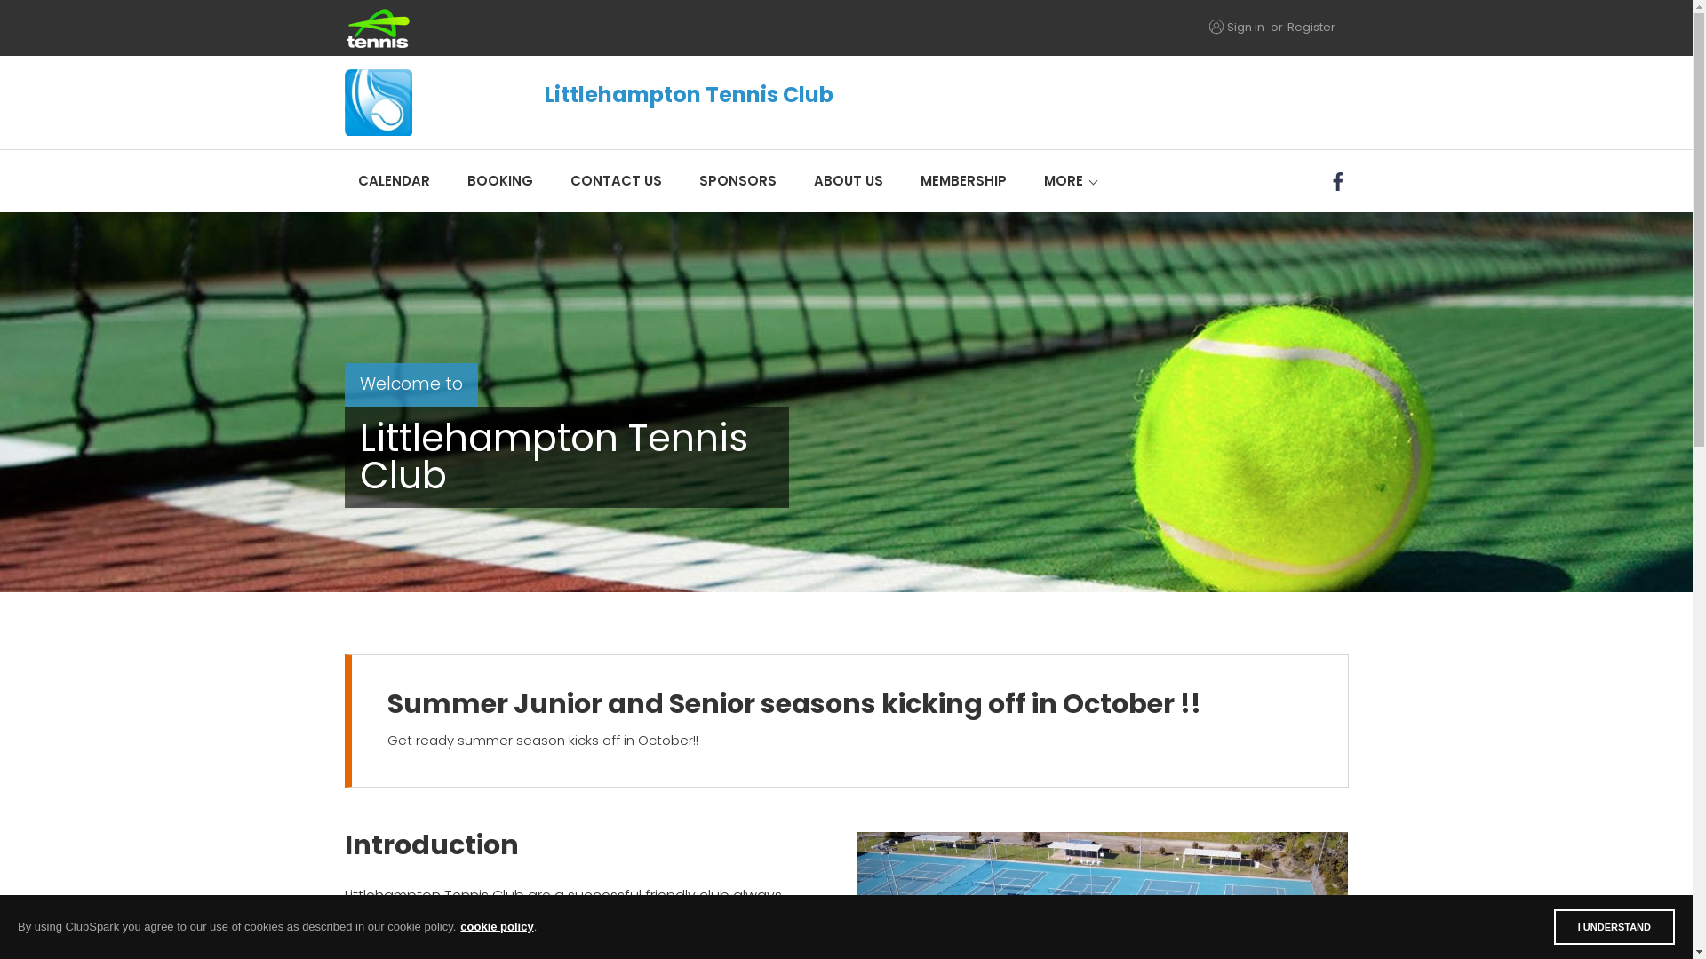  I want to click on 'Sign in', so click(1225, 27).